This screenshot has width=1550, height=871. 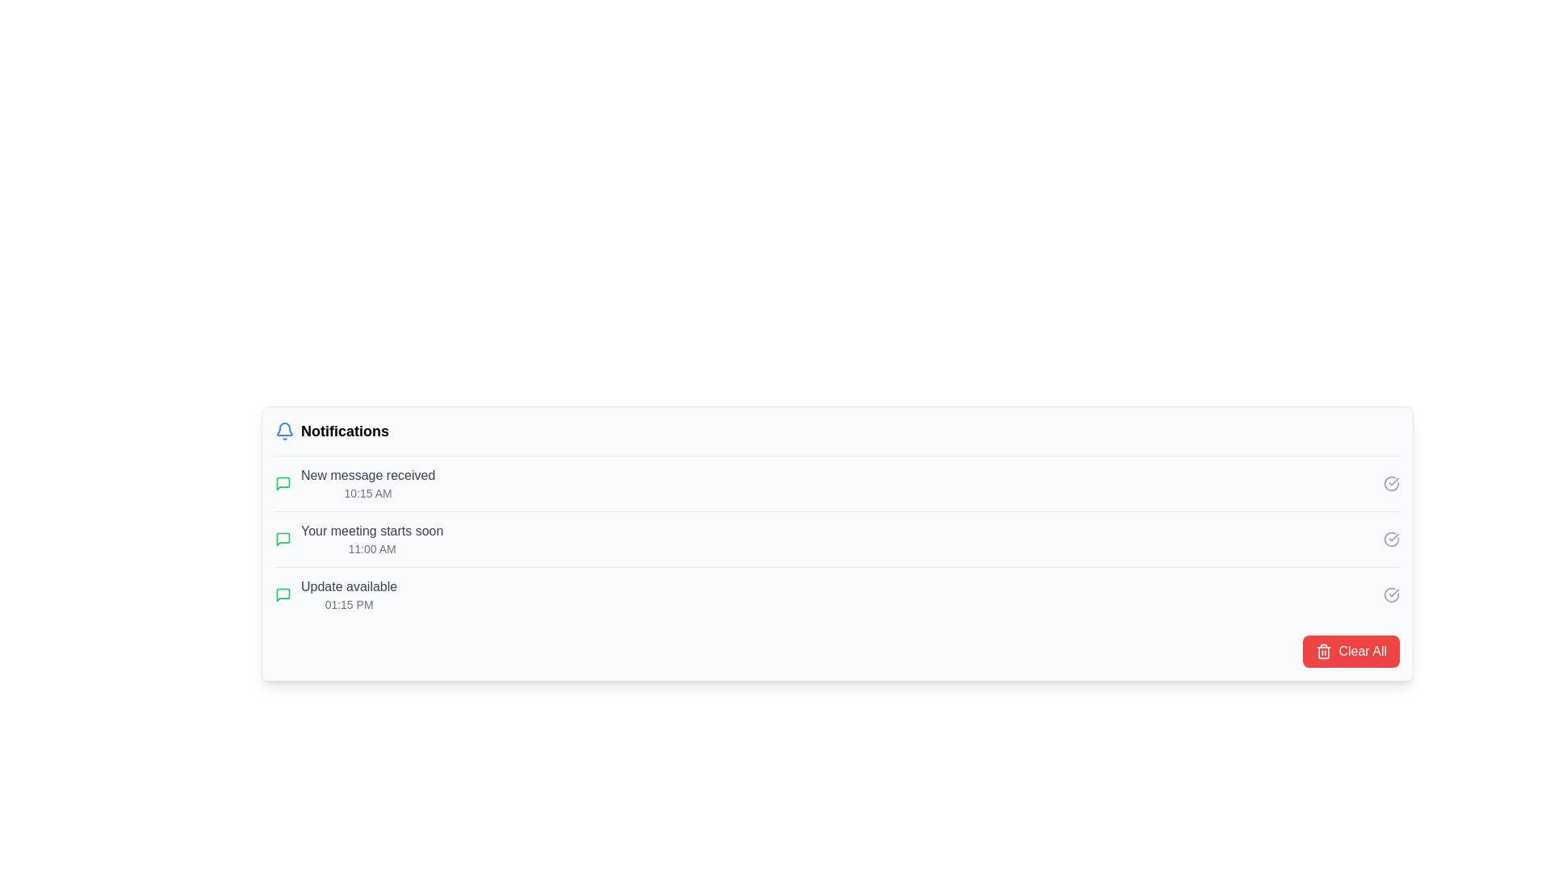 What do you see at coordinates (1390, 483) in the screenshot?
I see `the confirmation button for the notification labeled 'New message received' to observe a color change` at bounding box center [1390, 483].